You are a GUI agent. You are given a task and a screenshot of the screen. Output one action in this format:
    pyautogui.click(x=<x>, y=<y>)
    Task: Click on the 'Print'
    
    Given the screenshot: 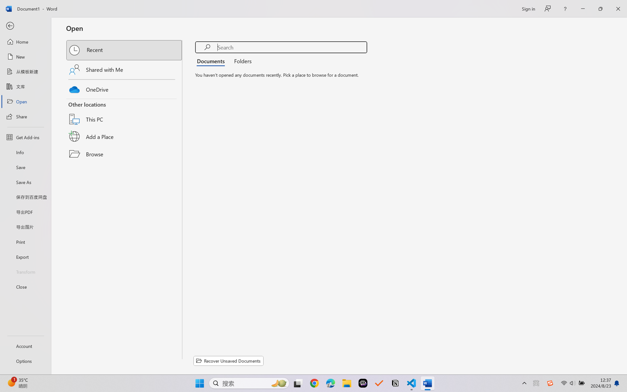 What is the action you would take?
    pyautogui.click(x=25, y=242)
    